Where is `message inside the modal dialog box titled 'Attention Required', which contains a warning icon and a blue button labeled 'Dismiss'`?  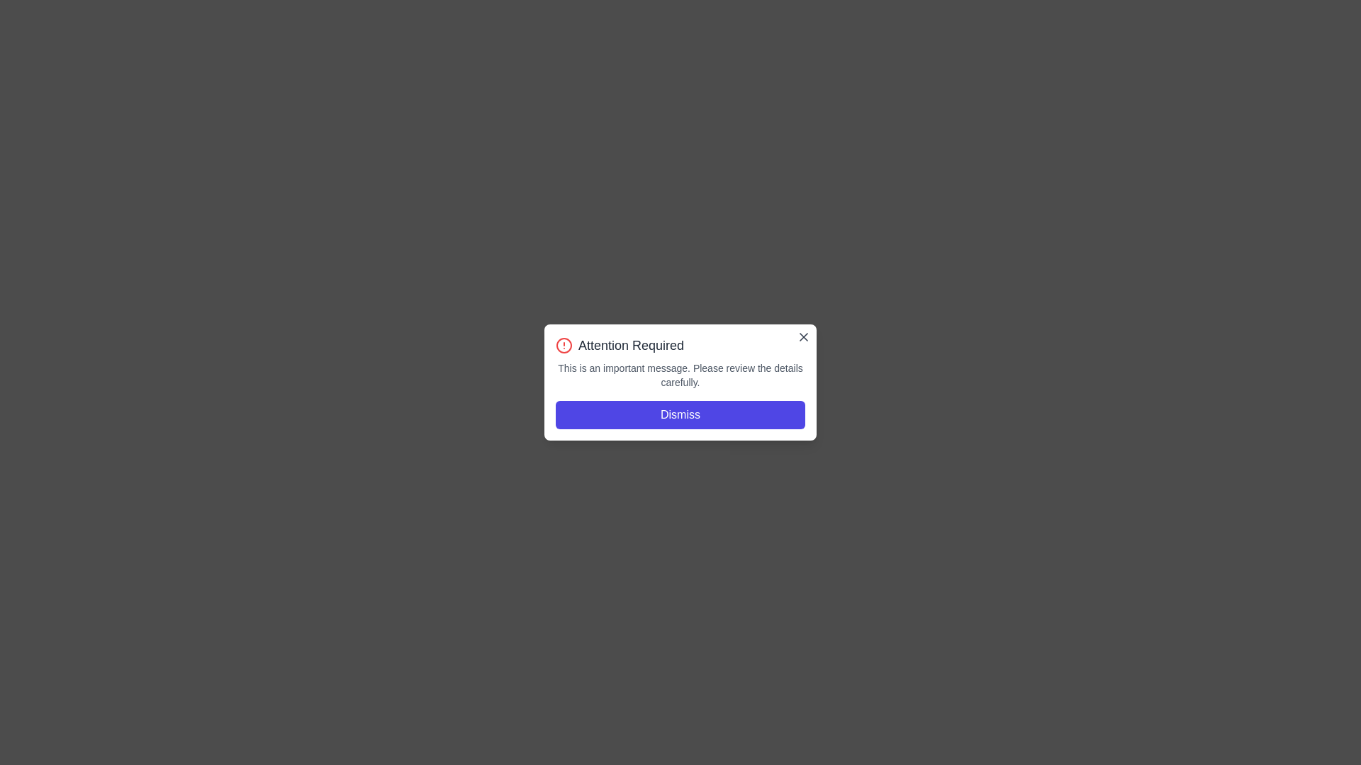 message inside the modal dialog box titled 'Attention Required', which contains a warning icon and a blue button labeled 'Dismiss' is located at coordinates (680, 382).